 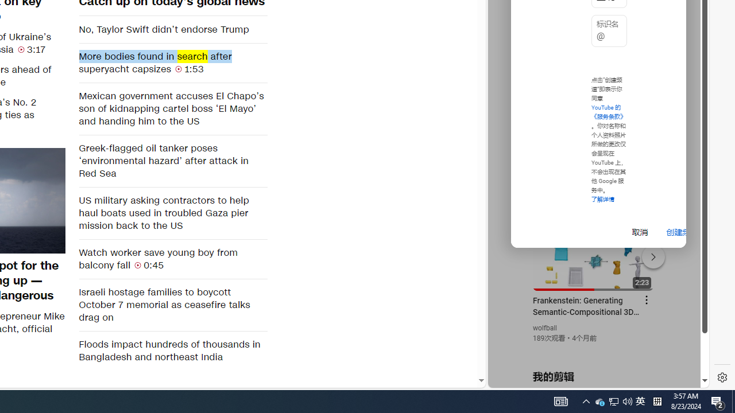 I want to click on 'More bodies found in search after superyacht capsizes 1:53', so click(x=172, y=63).